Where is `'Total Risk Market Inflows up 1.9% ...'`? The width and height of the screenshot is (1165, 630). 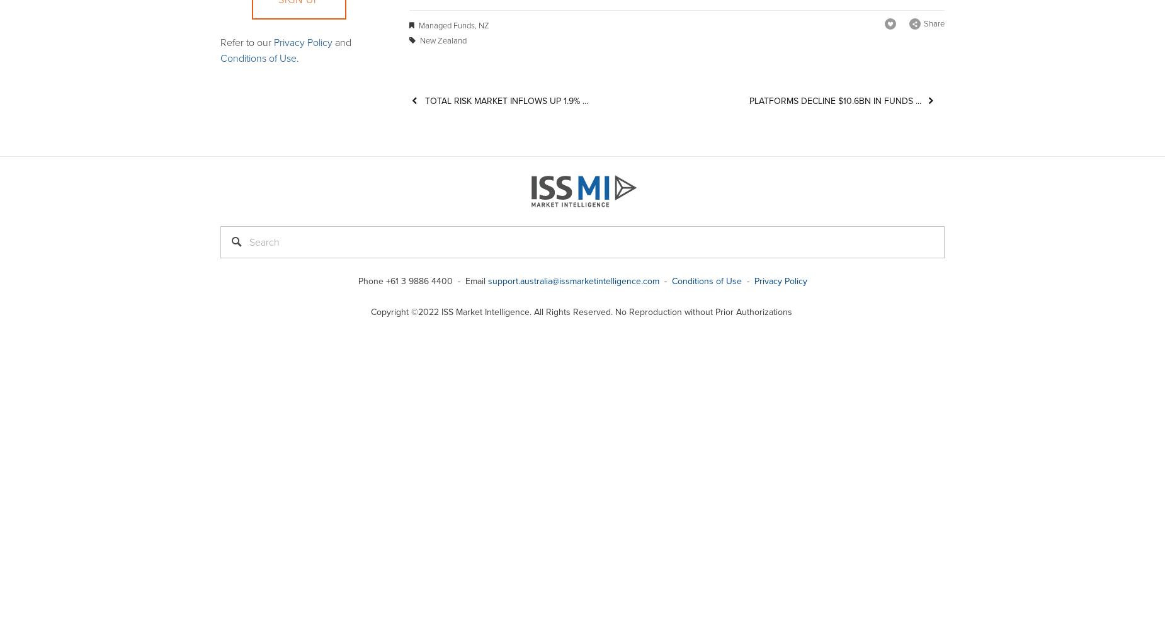
'Total Risk Market Inflows up 1.9% ...' is located at coordinates (506, 100).